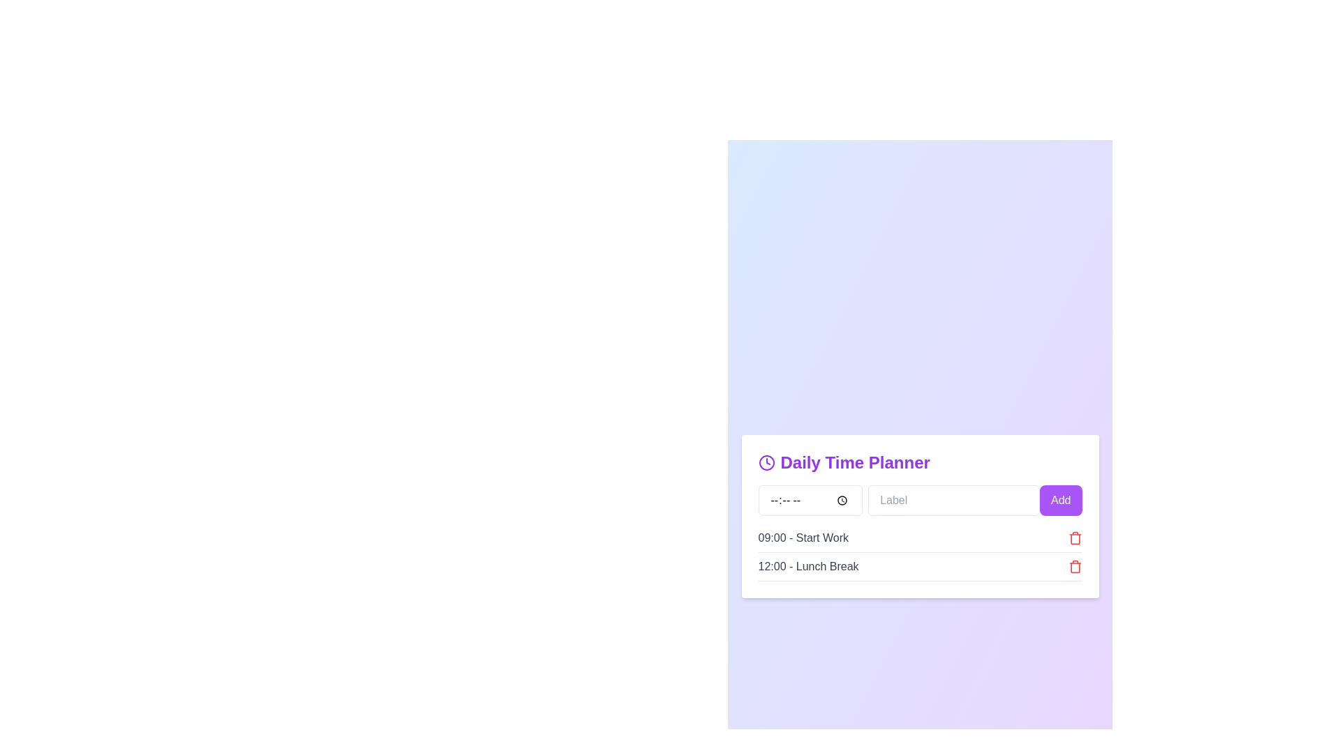  Describe the element at coordinates (766, 462) in the screenshot. I see `the purple clock icon with a circular outline and clock hands located to the left of the 'Daily Time Planner' text` at that location.